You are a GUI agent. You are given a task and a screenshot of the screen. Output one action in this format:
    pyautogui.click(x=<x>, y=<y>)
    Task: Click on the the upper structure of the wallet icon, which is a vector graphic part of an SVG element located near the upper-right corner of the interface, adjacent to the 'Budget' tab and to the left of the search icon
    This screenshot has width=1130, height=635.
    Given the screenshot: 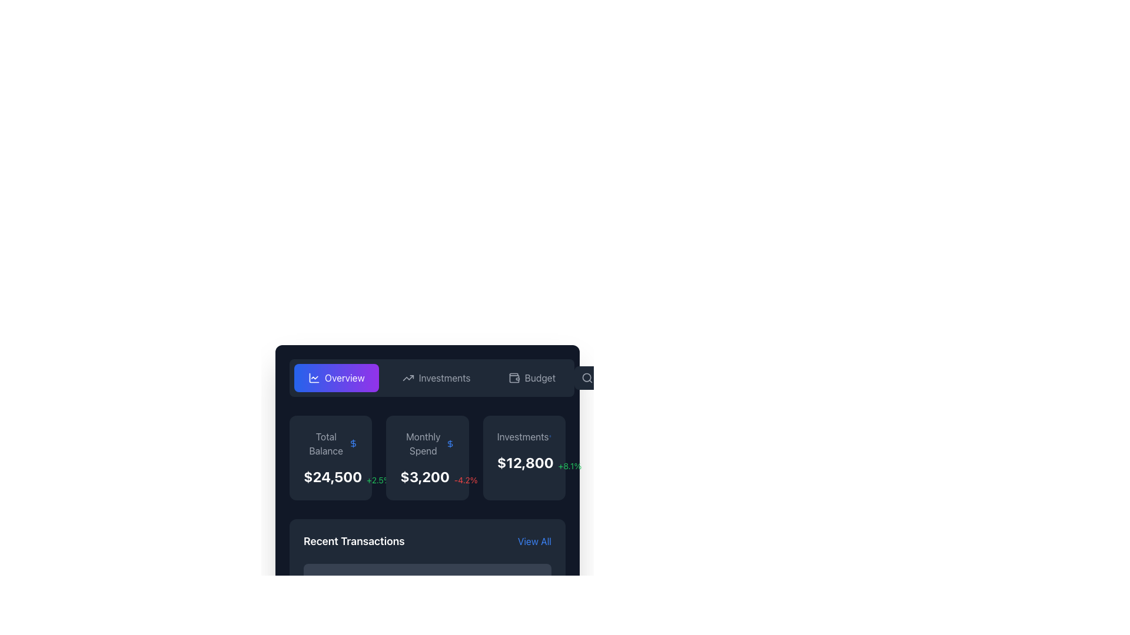 What is the action you would take?
    pyautogui.click(x=514, y=376)
    